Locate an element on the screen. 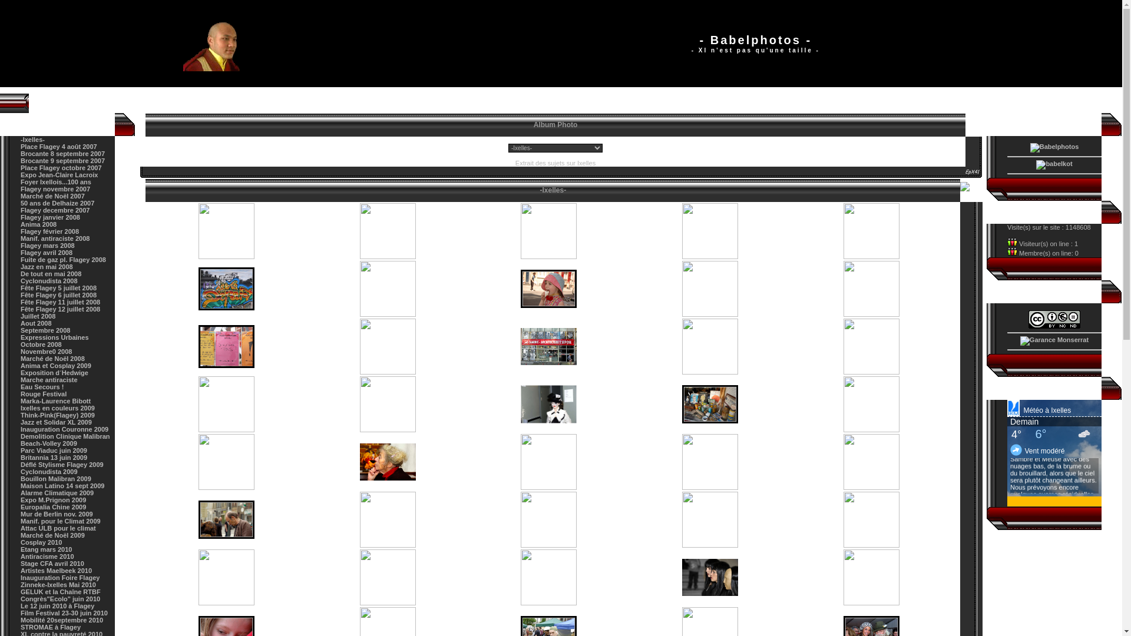 The height and width of the screenshot is (636, 1131). 'Inauguration Foire Flagey' is located at coordinates (59, 577).